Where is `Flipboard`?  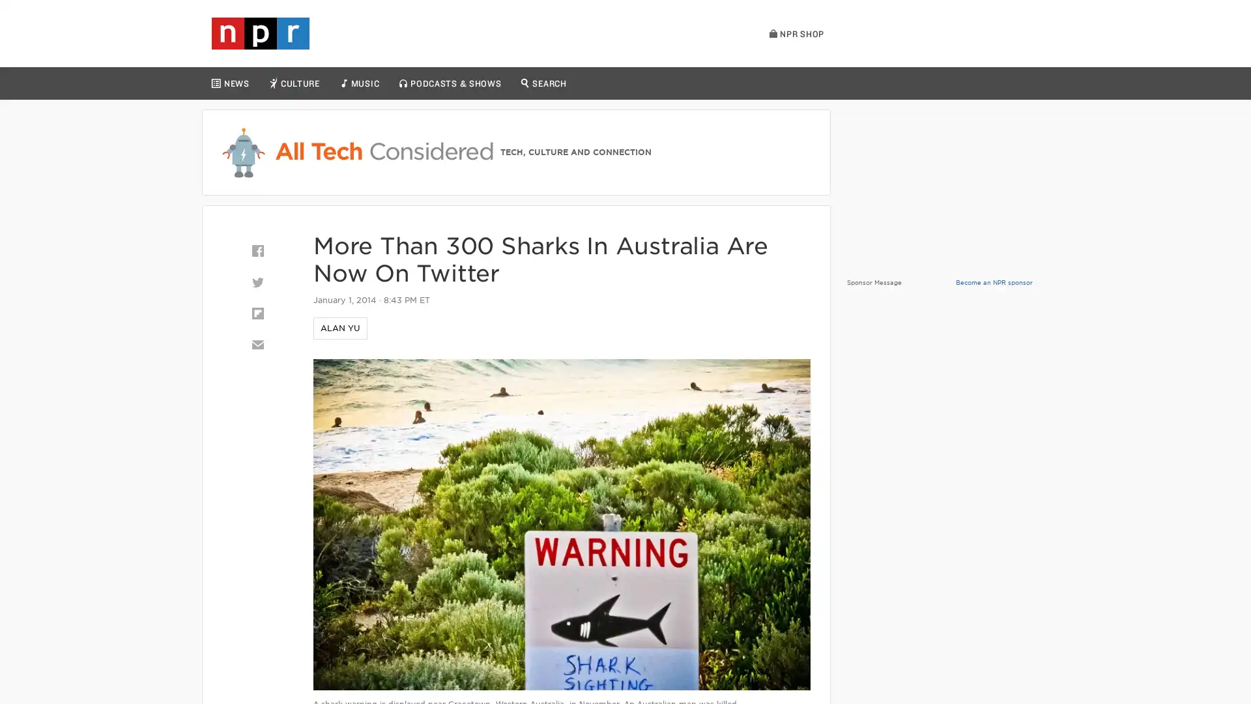 Flipboard is located at coordinates (257, 314).